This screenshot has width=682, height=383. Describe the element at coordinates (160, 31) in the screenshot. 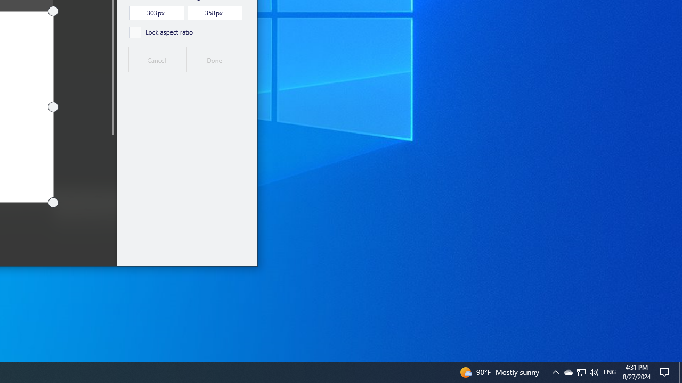

I see `'Lock aspect ratio'` at that location.